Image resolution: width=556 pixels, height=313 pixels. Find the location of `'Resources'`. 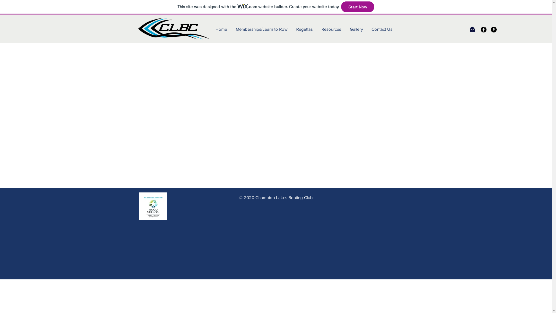

'Resources' is located at coordinates (331, 29).